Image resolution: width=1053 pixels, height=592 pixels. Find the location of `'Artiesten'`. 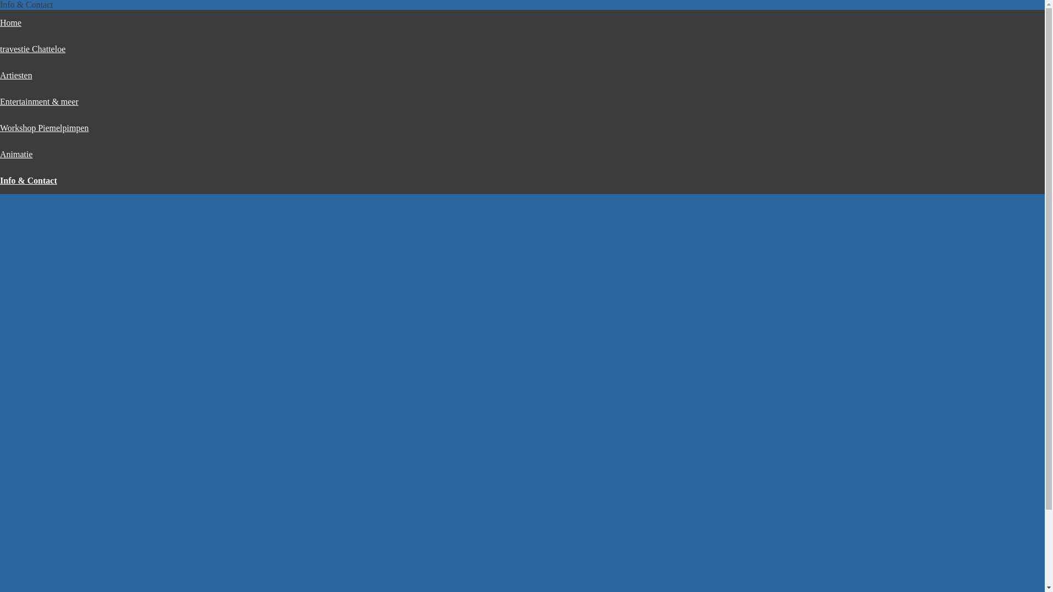

'Artiesten' is located at coordinates (16, 75).